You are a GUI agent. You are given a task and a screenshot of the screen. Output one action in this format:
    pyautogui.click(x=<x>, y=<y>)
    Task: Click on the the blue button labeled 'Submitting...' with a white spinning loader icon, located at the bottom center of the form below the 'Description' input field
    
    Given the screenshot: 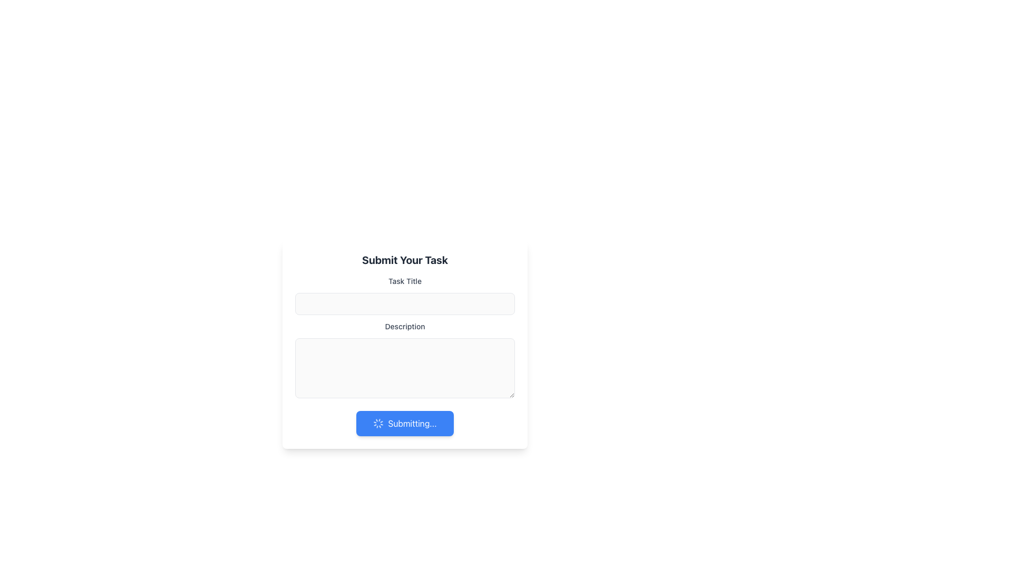 What is the action you would take?
    pyautogui.click(x=404, y=423)
    